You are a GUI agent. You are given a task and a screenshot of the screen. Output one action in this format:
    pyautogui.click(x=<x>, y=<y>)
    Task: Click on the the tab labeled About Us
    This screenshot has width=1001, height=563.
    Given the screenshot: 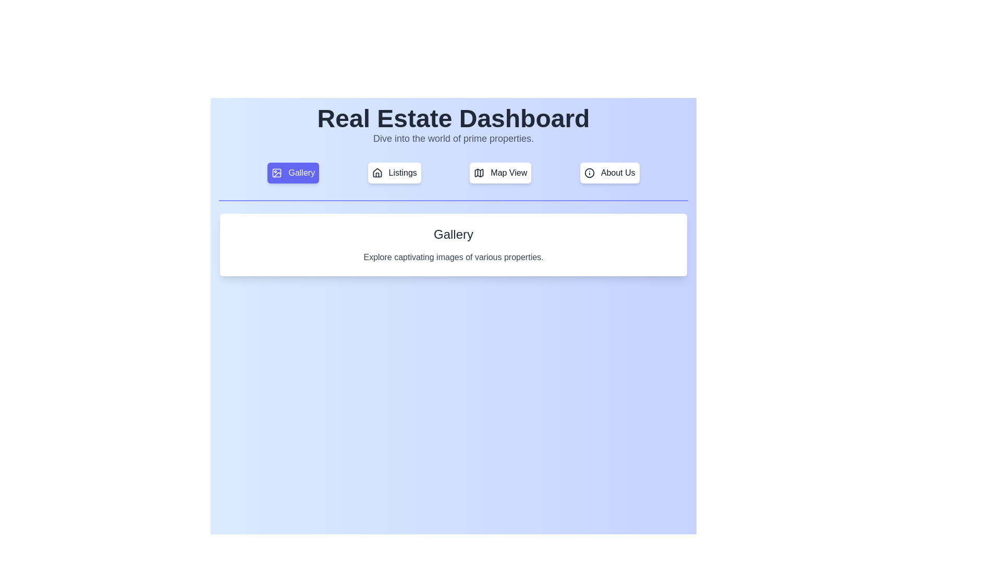 What is the action you would take?
    pyautogui.click(x=609, y=172)
    